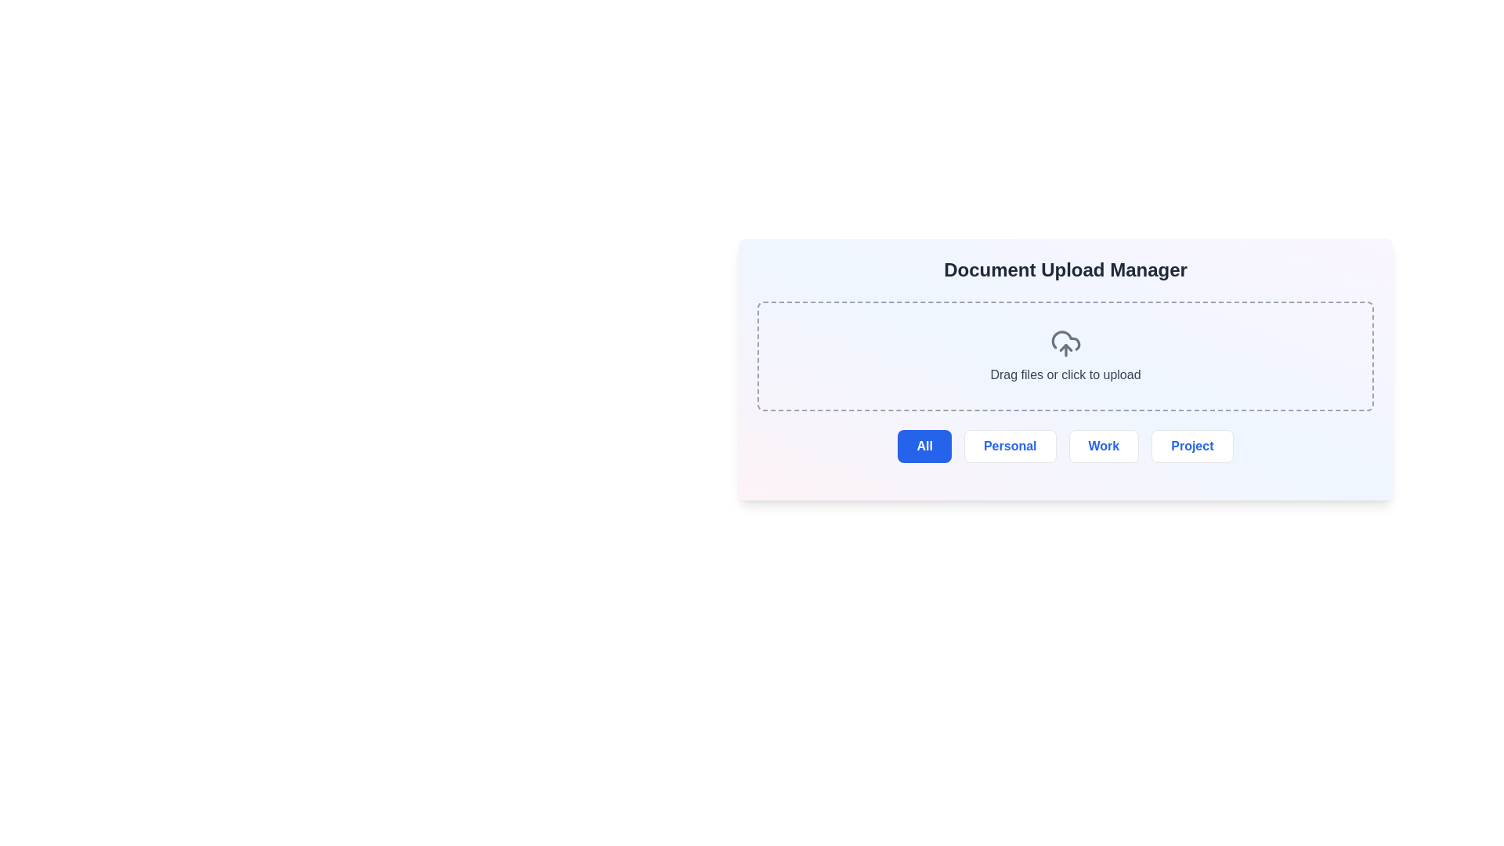  I want to click on the 'All' button, so click(924, 446).